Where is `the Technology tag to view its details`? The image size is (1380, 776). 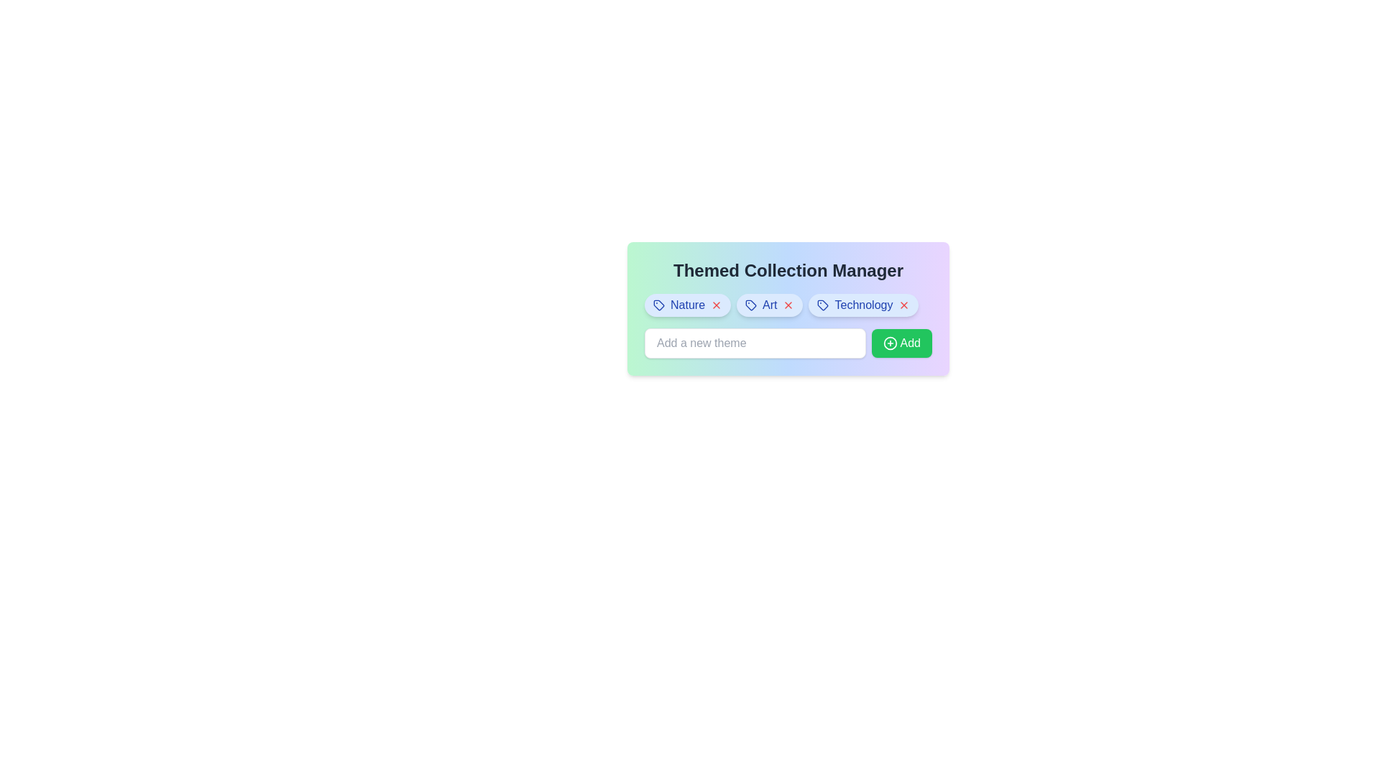 the Technology tag to view its details is located at coordinates (862, 304).